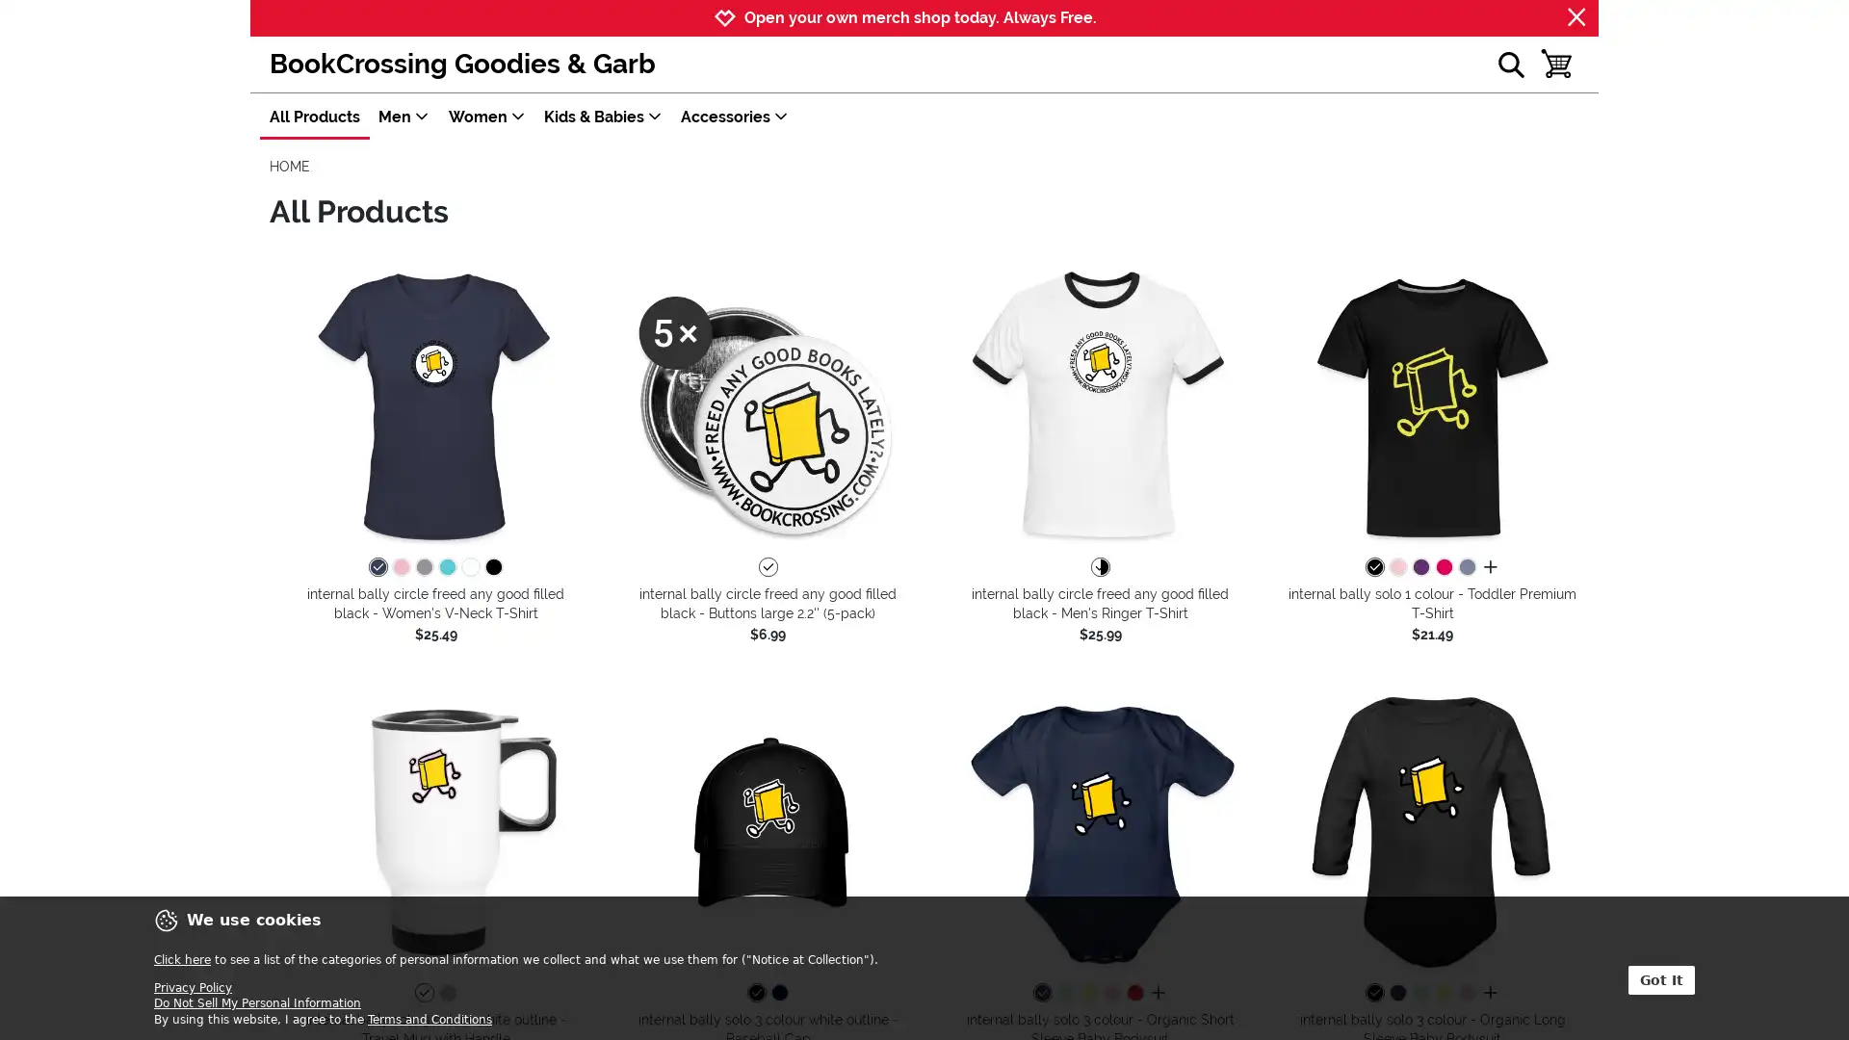 The image size is (1849, 1040). What do you see at coordinates (1432, 404) in the screenshot?
I see `internal bally solo 1 colour - Toddler Premium T-Shirt` at bounding box center [1432, 404].